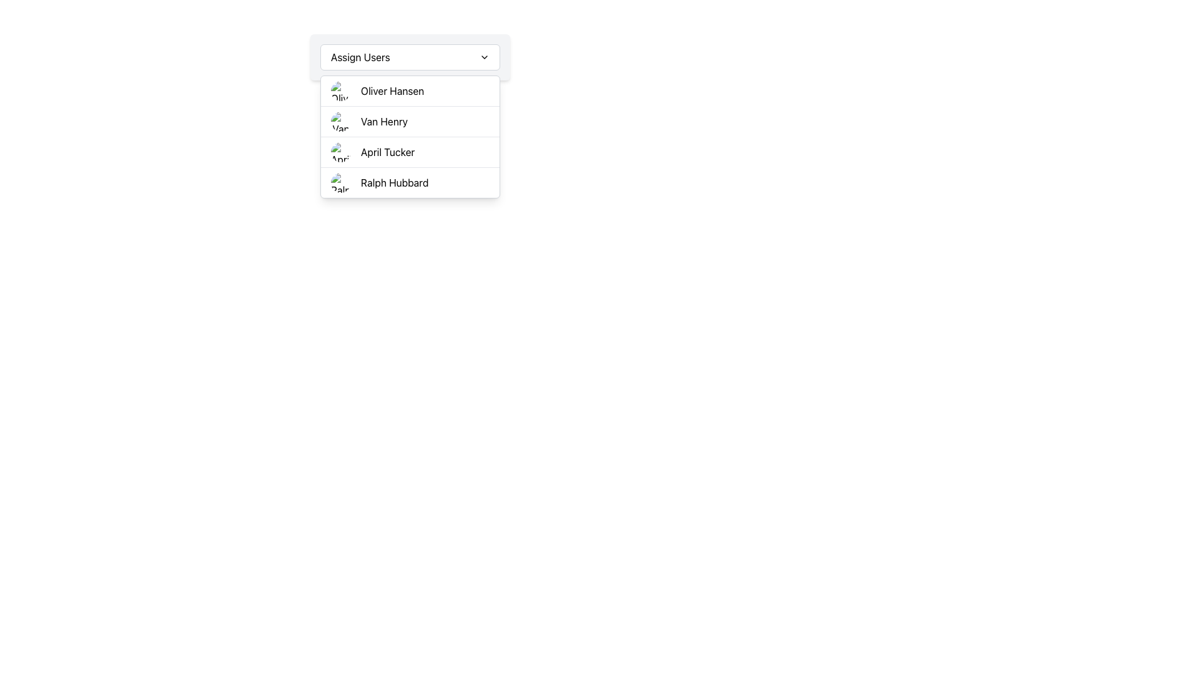  Describe the element at coordinates (410, 137) in the screenshot. I see `the second user entry in the dropdown menu labeled 'Assign Users', which is positioned between 'Oliver Hansen' and 'April Tucker'` at that location.